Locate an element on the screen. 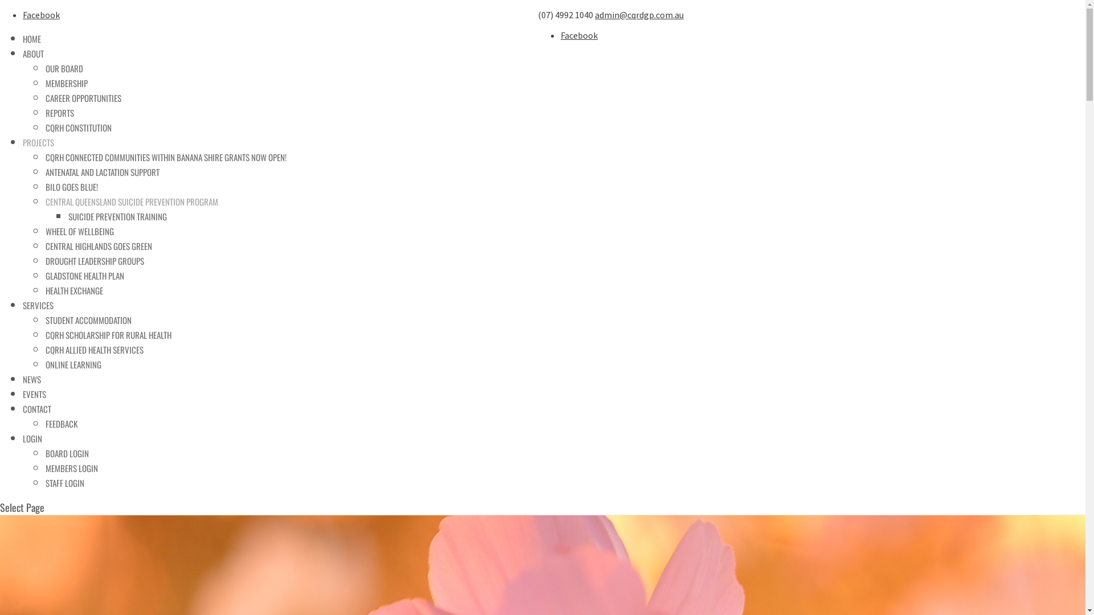 Image resolution: width=1094 pixels, height=615 pixels. 'STUDENT ACCOMMODATION' is located at coordinates (88, 320).